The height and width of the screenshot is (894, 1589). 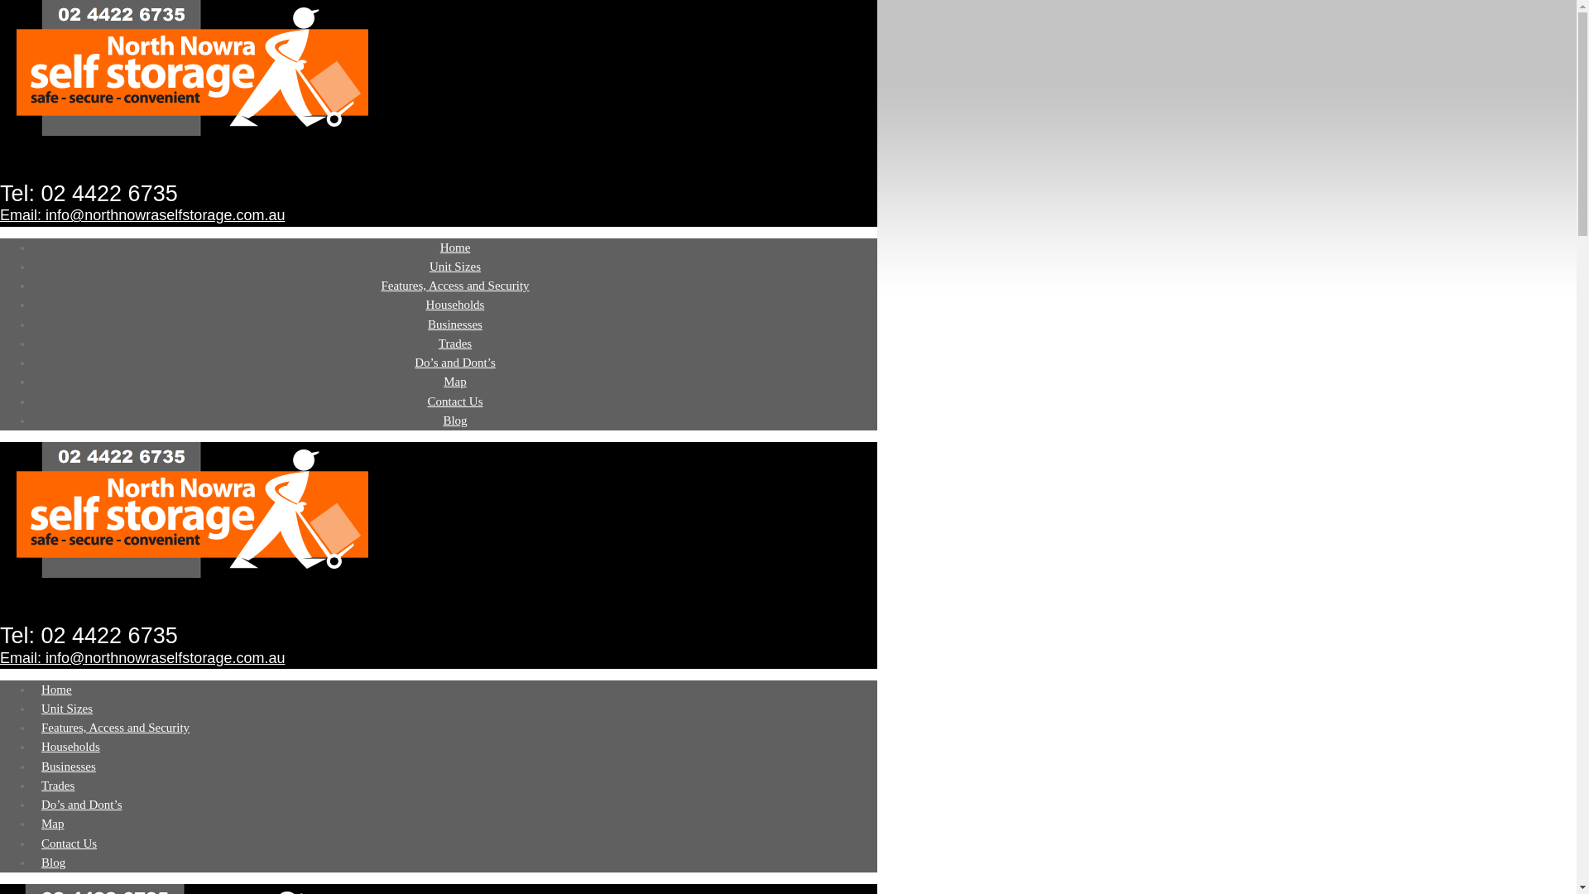 I want to click on 'Home', so click(x=56, y=690).